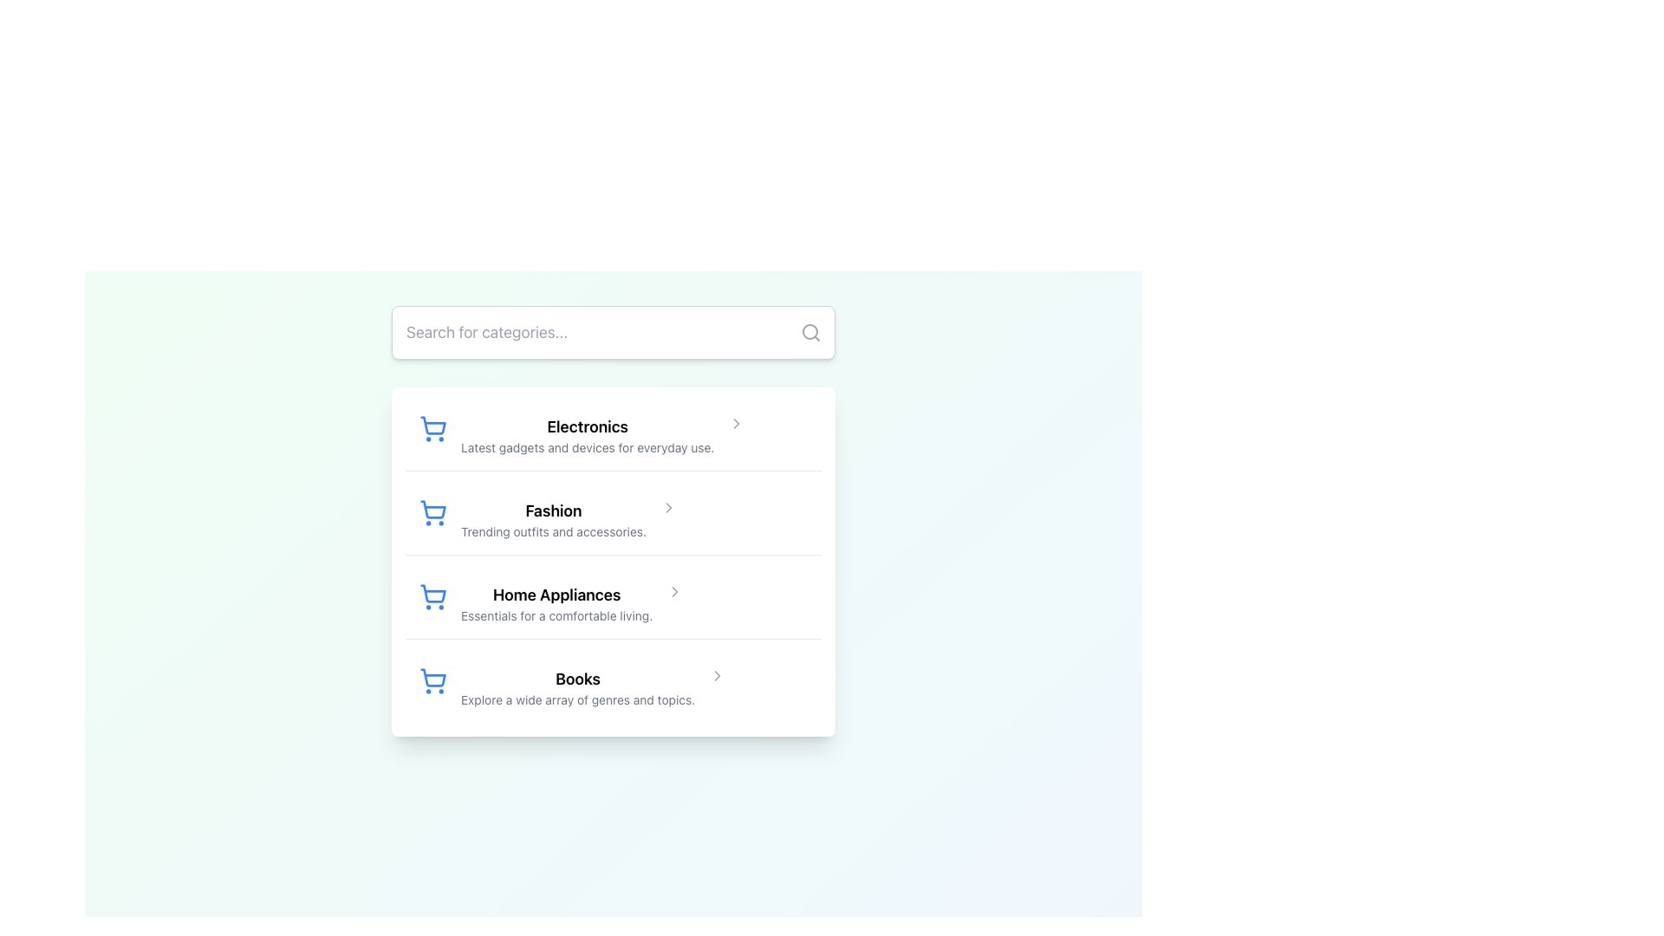 This screenshot has width=1664, height=936. I want to click on the search icon, which is a gray outlined magnifying glass symbol located on the far right inside the horizontal search bar, to initiate the search, so click(810, 333).